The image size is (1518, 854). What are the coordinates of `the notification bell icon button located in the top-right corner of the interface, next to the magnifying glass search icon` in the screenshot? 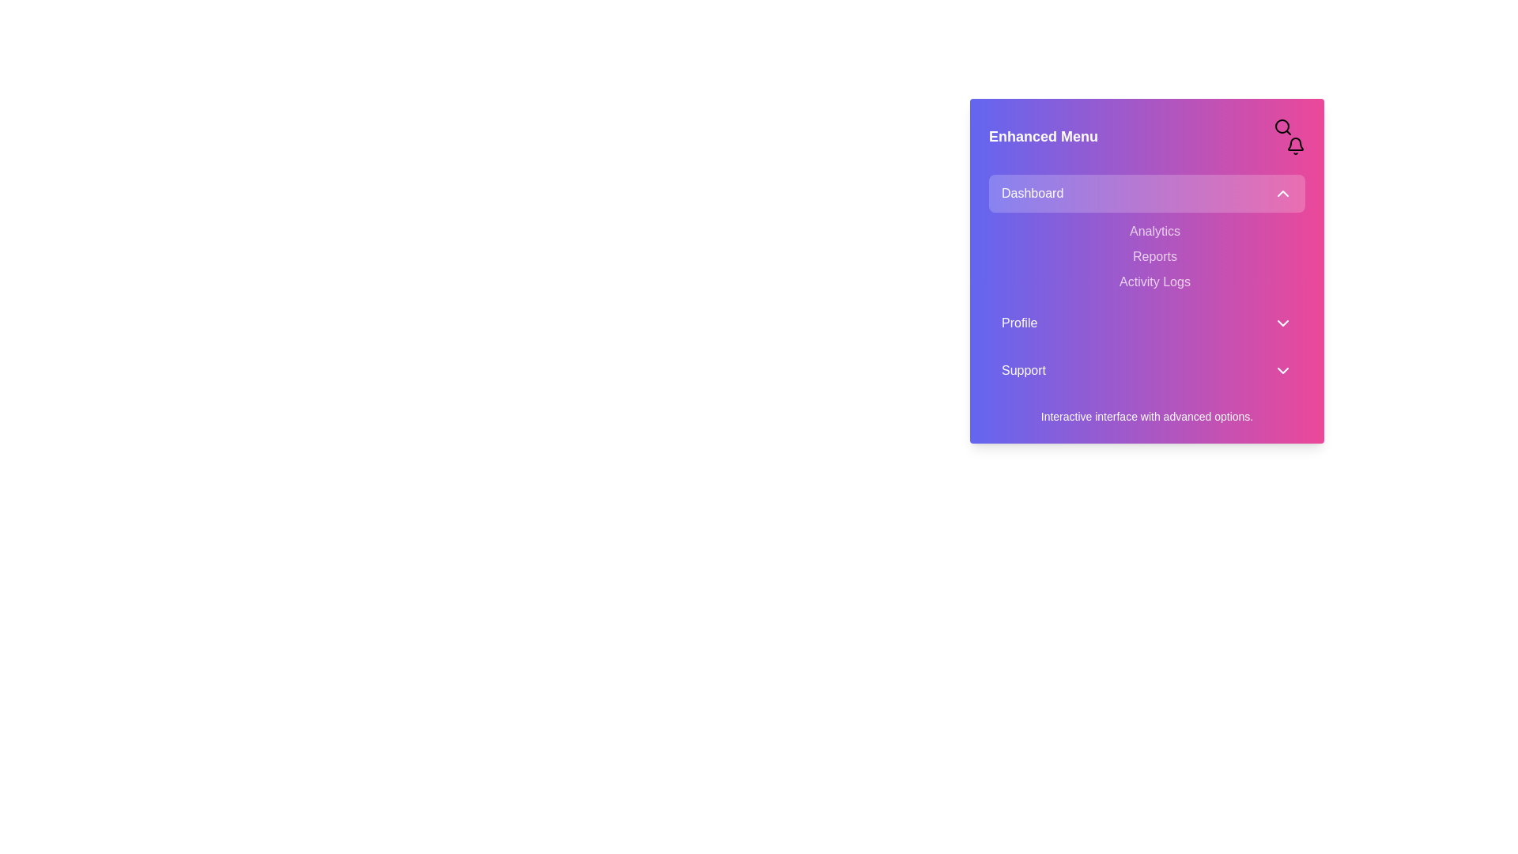 It's located at (1295, 146).